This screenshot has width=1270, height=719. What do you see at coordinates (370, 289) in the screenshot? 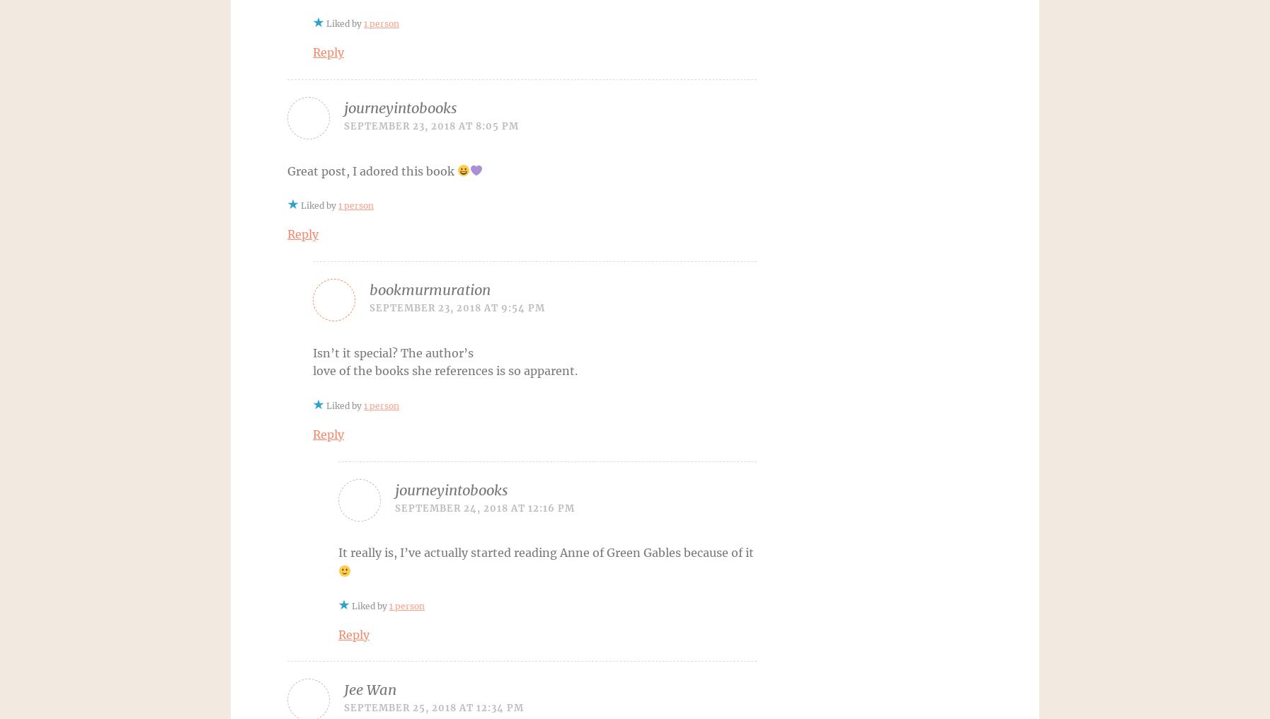
I see `'bookmurmuration'` at bounding box center [370, 289].